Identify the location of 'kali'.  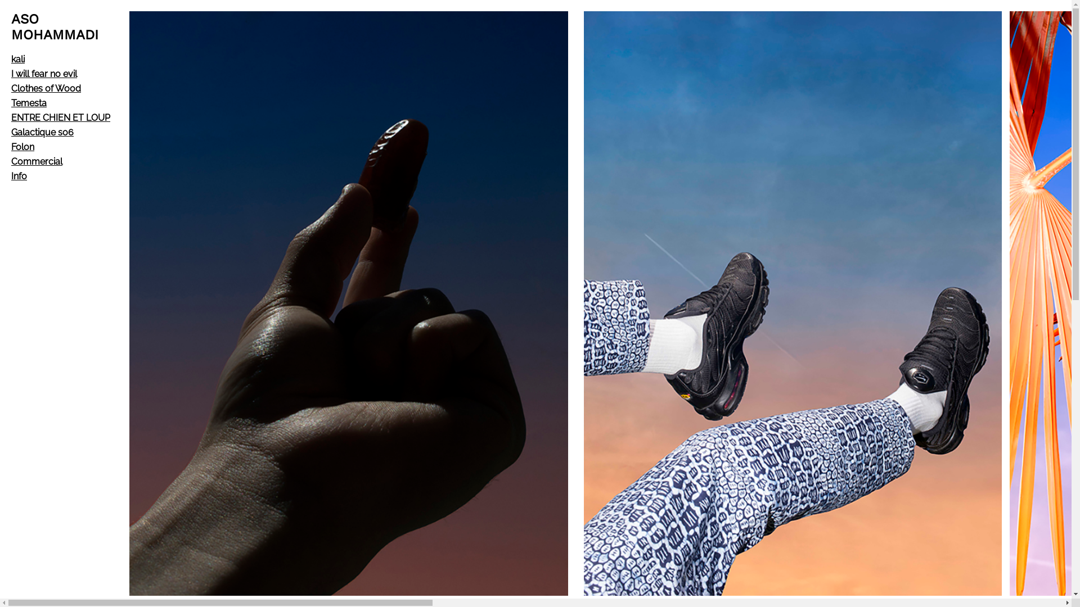
(18, 59).